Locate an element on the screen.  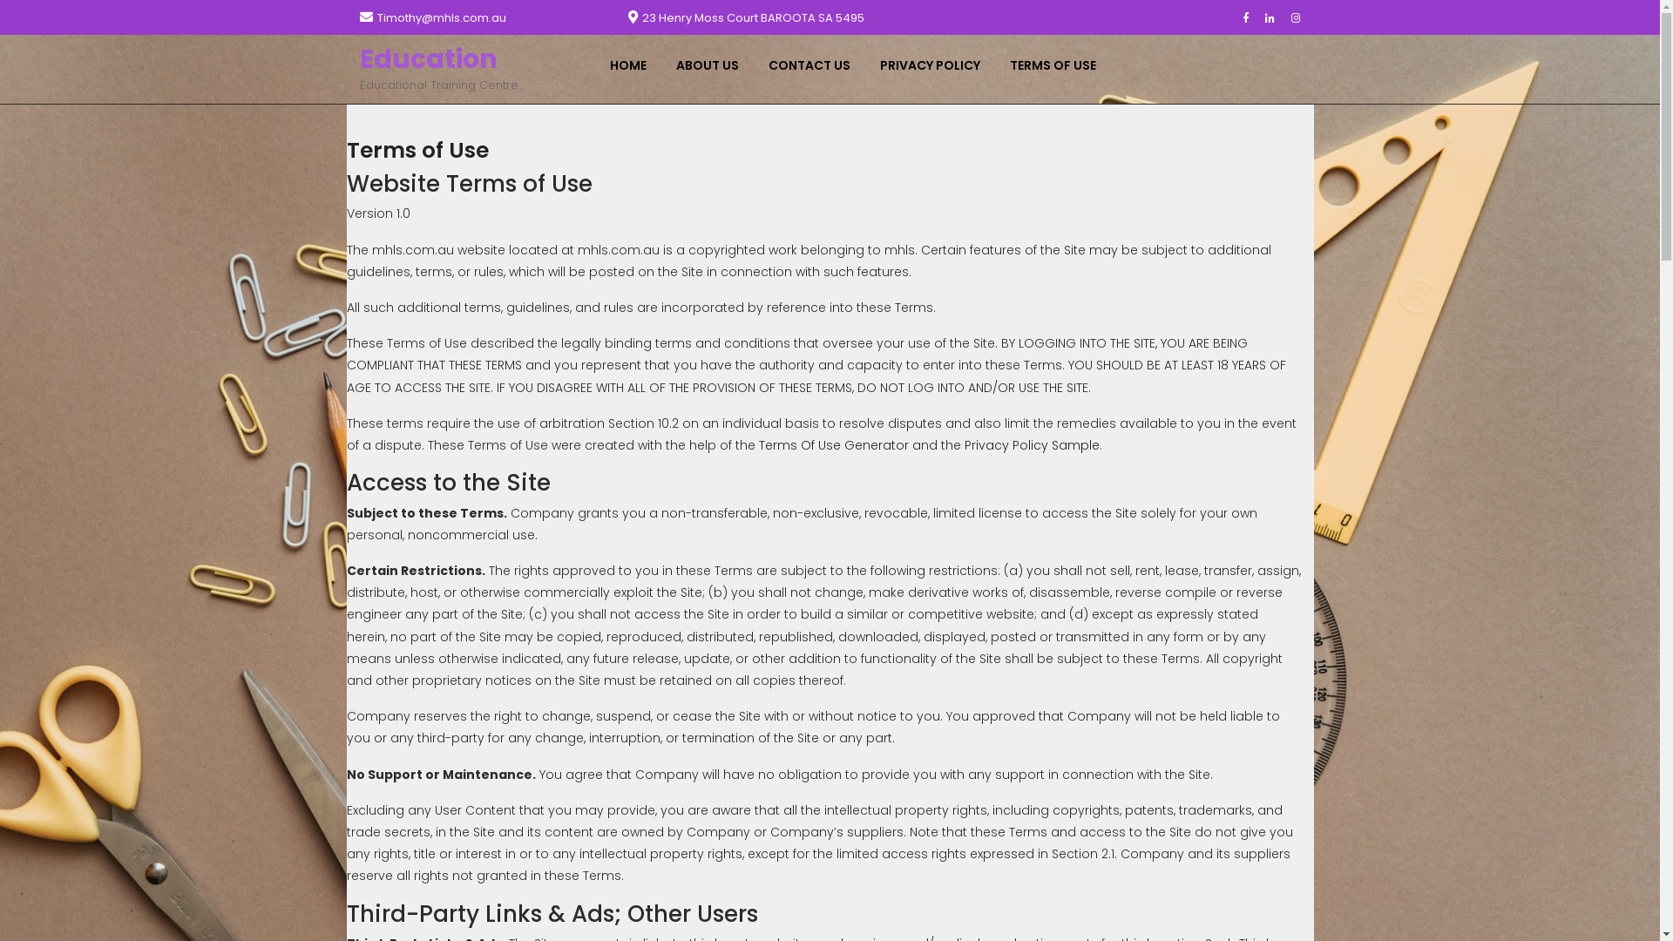
'Linkedin' is located at coordinates (1276, 17).